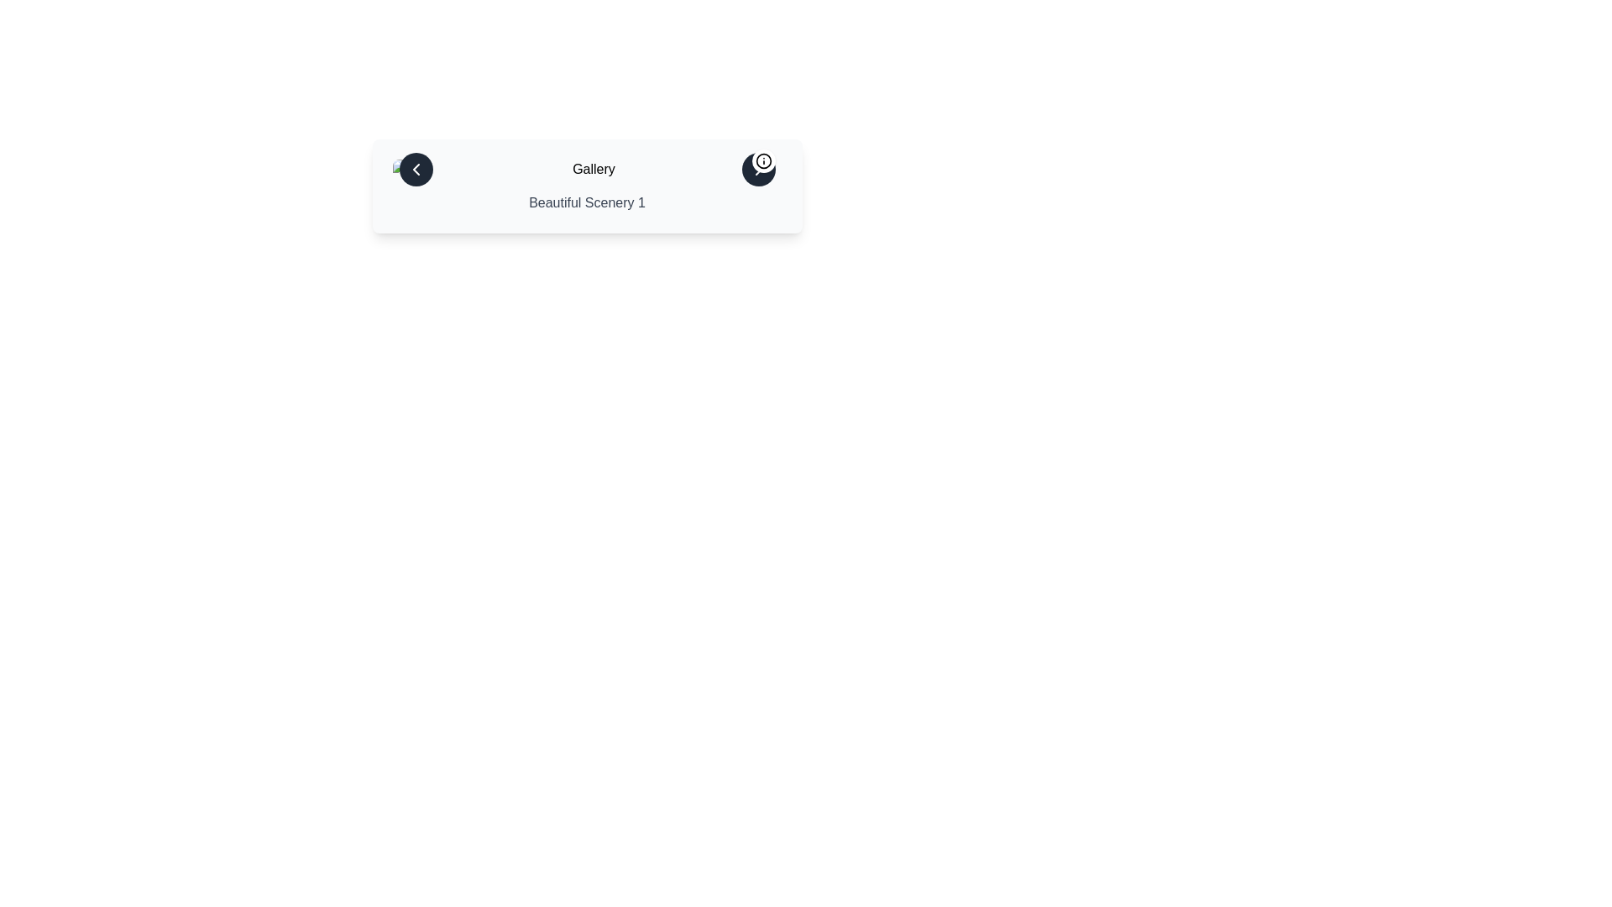 This screenshot has height=907, width=1612. I want to click on the chevron Arrow Icon located on the rightmost side of the component, so click(757, 169).